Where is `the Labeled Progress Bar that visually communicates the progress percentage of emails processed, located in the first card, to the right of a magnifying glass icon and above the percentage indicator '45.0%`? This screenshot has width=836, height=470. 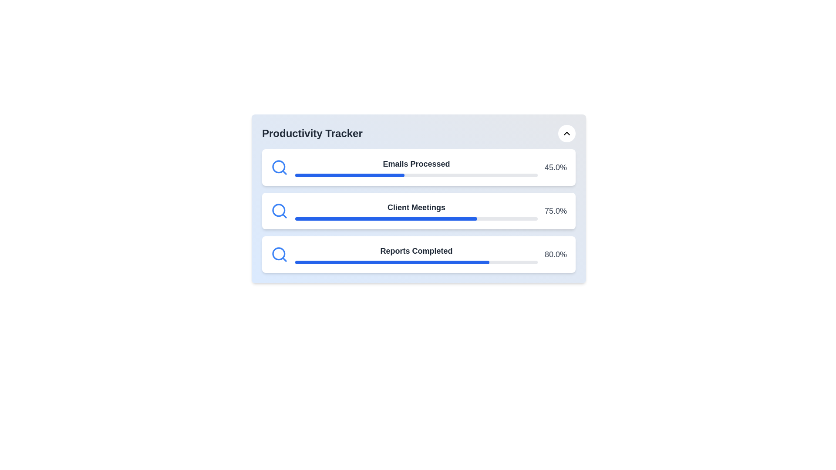
the Labeled Progress Bar that visually communicates the progress percentage of emails processed, located in the first card, to the right of a magnifying glass icon and above the percentage indicator '45.0% is located at coordinates (416, 168).